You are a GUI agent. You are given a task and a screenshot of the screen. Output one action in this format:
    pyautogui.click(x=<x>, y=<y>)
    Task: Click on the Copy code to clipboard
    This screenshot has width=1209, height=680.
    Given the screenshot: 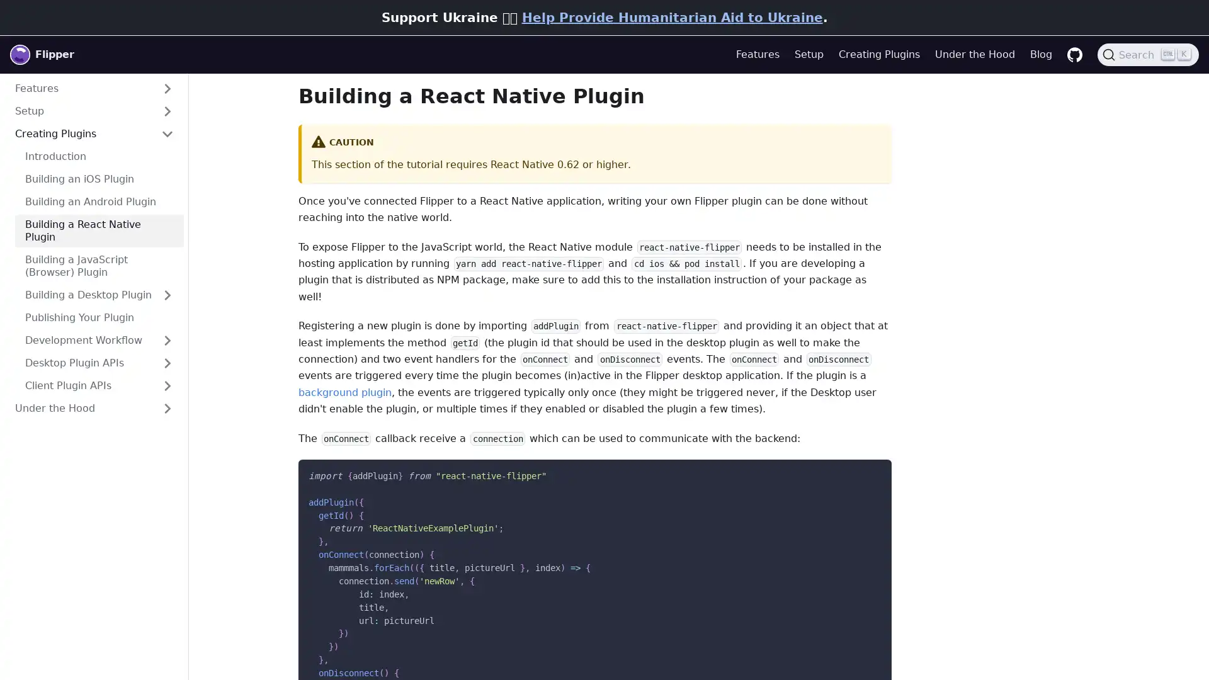 What is the action you would take?
    pyautogui.click(x=870, y=473)
    